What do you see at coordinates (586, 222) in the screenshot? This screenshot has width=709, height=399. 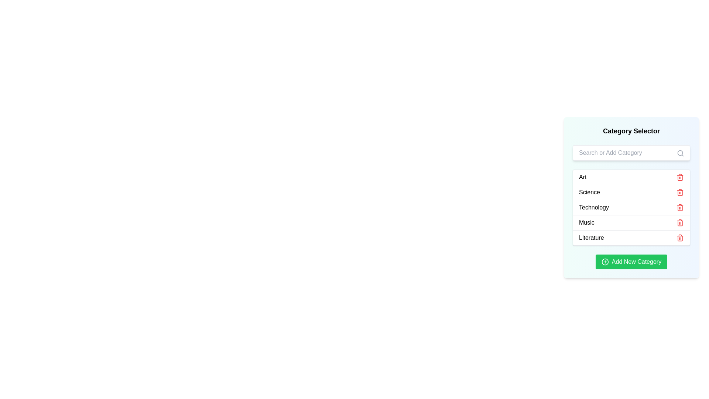 I see `the label in the fourth row of the category list, which is positioned between the 'Technology' and 'Literature' labels` at bounding box center [586, 222].